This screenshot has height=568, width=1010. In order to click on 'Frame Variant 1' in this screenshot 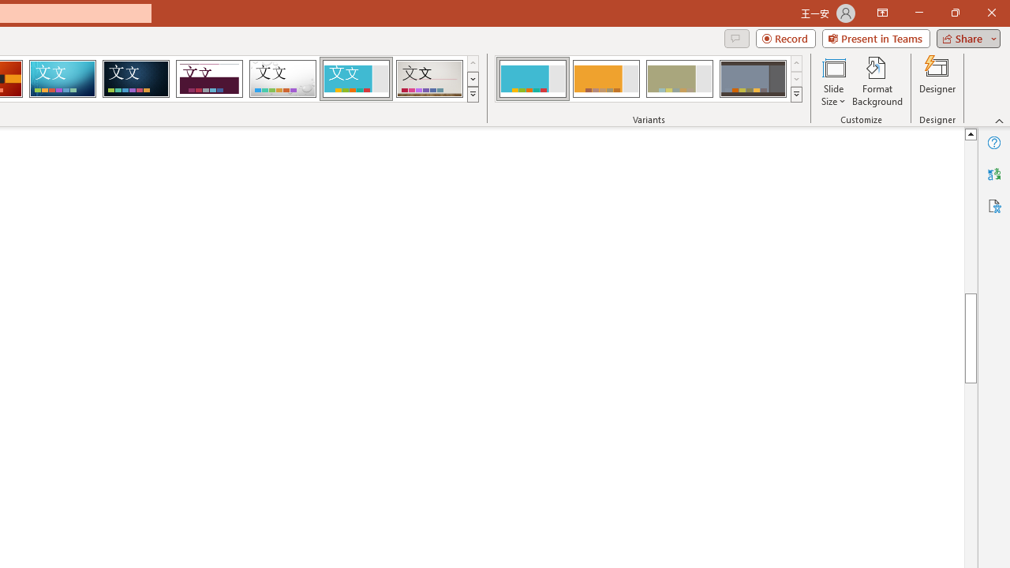, I will do `click(533, 79)`.